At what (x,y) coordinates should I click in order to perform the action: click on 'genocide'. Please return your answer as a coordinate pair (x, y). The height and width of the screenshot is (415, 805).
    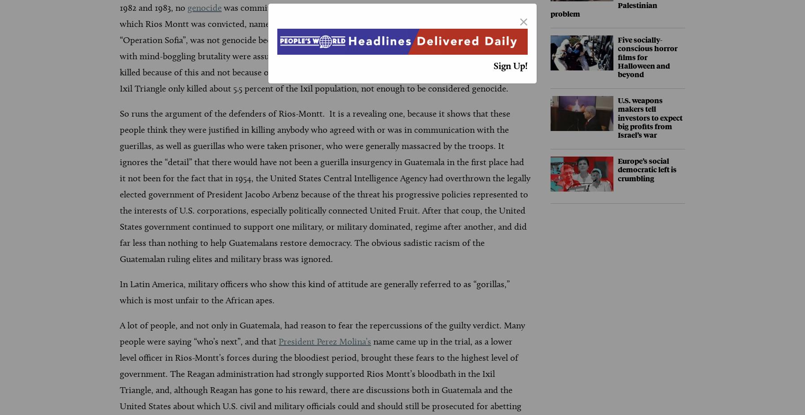
    Looking at the image, I should click on (205, 7).